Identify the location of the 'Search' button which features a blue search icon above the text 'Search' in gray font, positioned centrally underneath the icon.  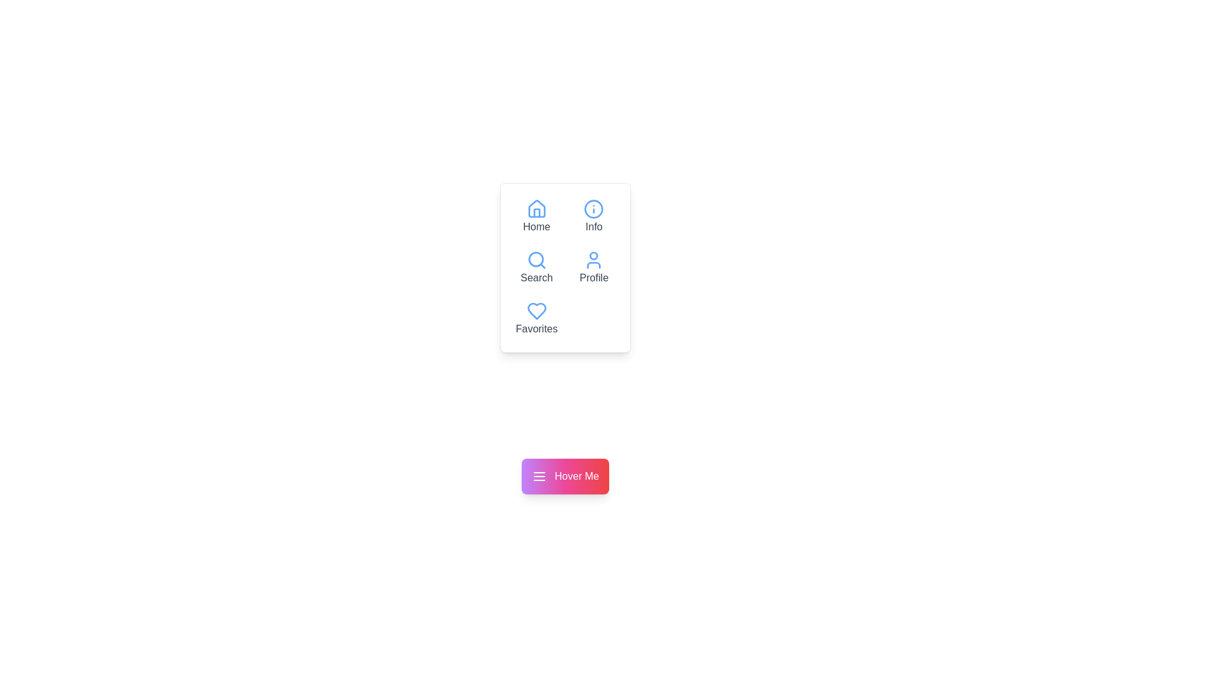
(536, 267).